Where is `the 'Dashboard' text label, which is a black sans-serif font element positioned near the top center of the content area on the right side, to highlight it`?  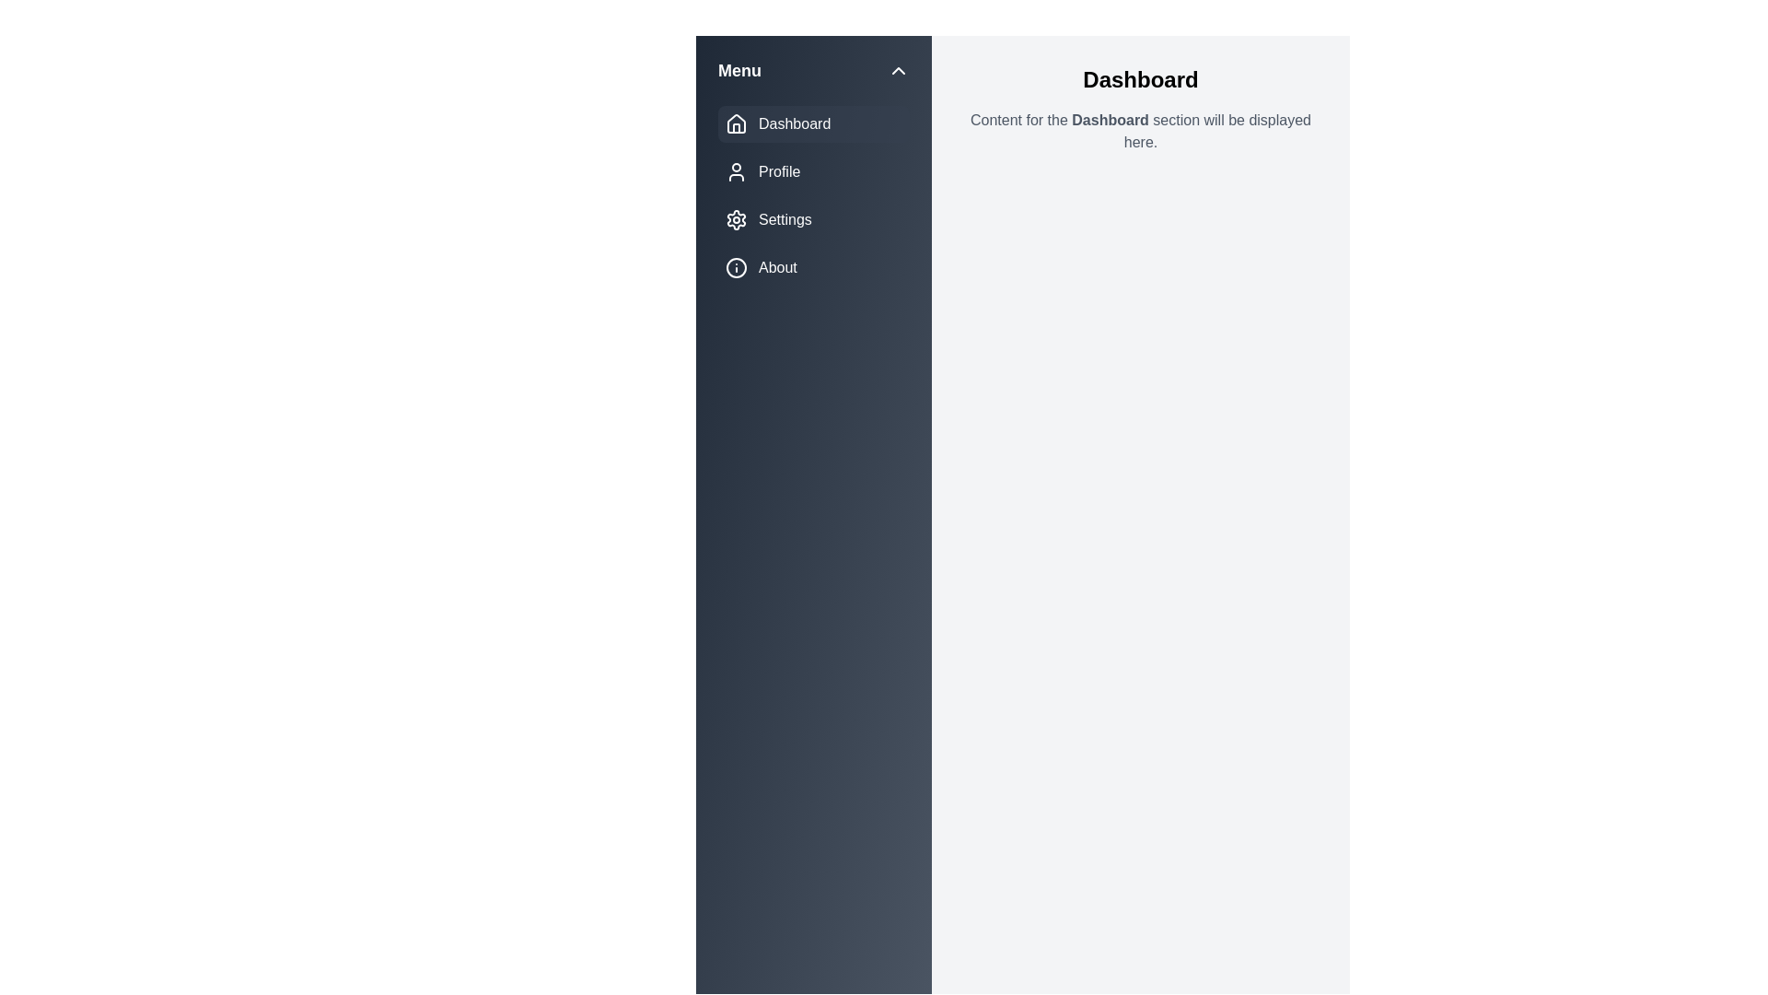
the 'Dashboard' text label, which is a black sans-serif font element positioned near the top center of the content area on the right side, to highlight it is located at coordinates (1110, 120).